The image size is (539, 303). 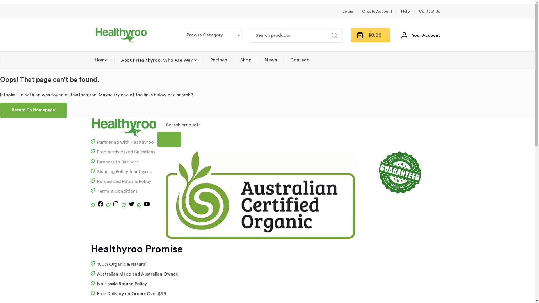 I want to click on 'Create Account', so click(x=377, y=12).